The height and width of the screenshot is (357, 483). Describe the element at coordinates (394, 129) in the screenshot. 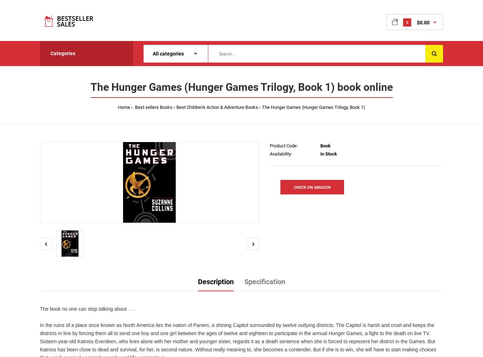

I see `'Best Mystery & Thrillers Movies'` at that location.